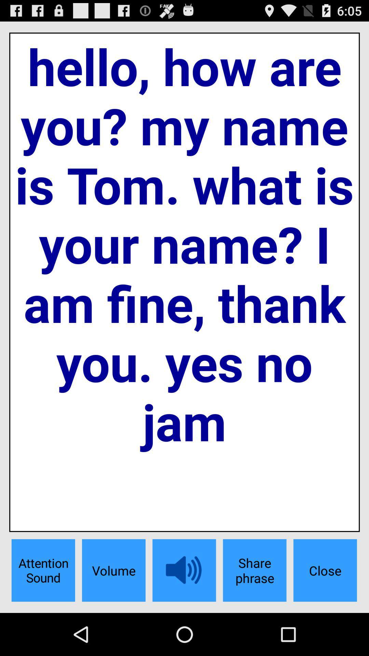  What do you see at coordinates (113, 570) in the screenshot?
I see `button next to the attention sound button` at bounding box center [113, 570].